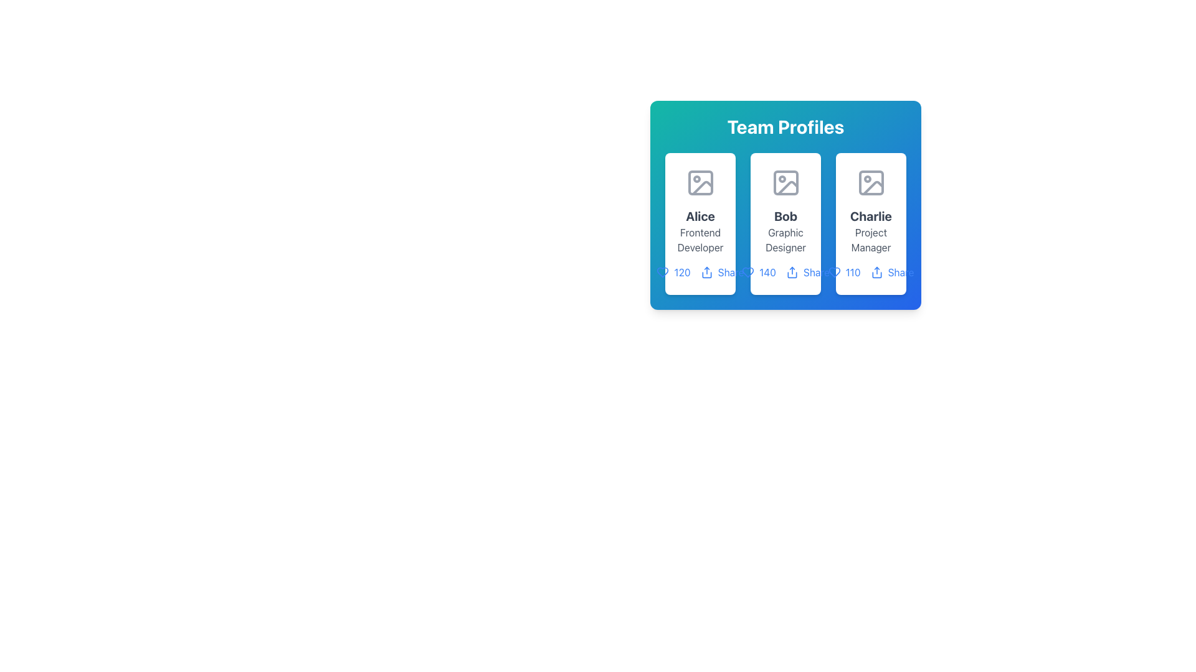  What do you see at coordinates (876, 272) in the screenshot?
I see `the blue upward-pointing arrow icon for the 'Share' action located in Charlie's card` at bounding box center [876, 272].